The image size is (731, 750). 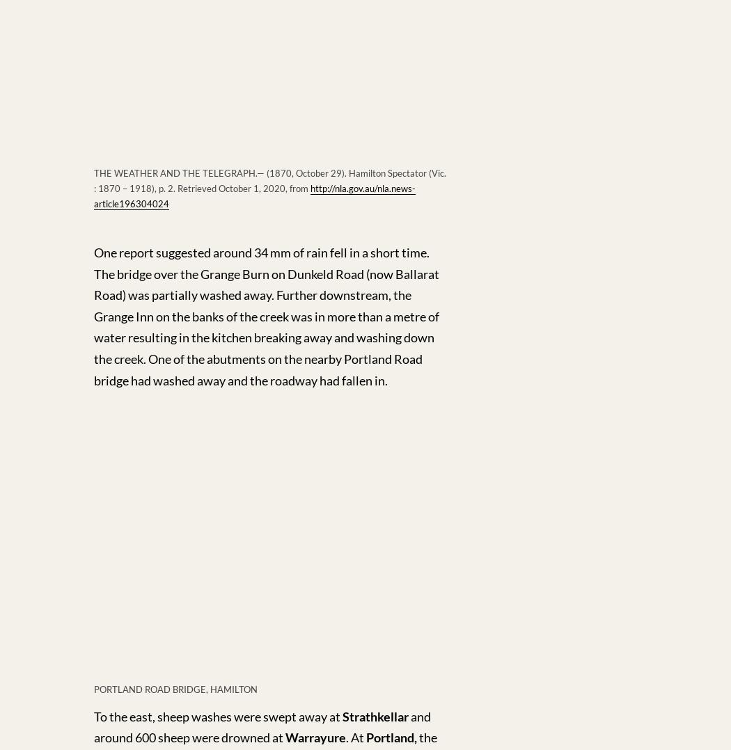 I want to click on 'Warrayure', so click(x=315, y=737).